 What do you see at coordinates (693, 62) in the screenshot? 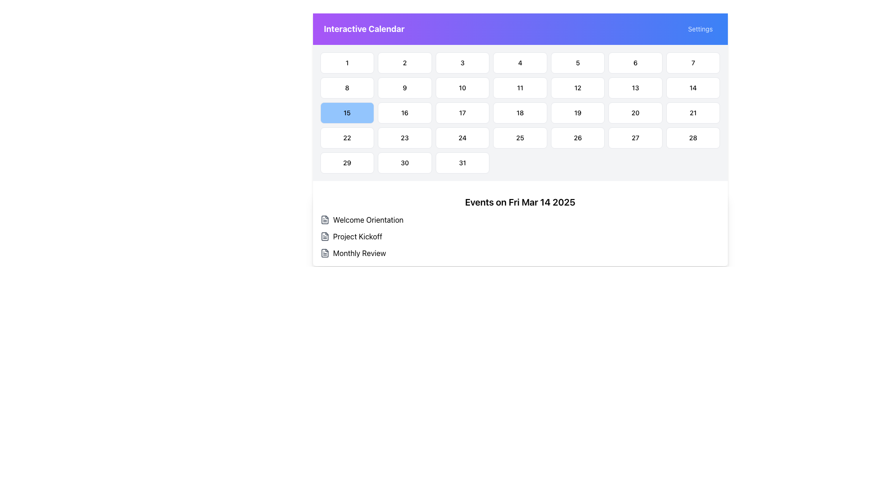
I see `the Text label representing the seventh day in the calendar, located in the top-right corner of the calendar grid, under the 'Settings' button` at bounding box center [693, 62].